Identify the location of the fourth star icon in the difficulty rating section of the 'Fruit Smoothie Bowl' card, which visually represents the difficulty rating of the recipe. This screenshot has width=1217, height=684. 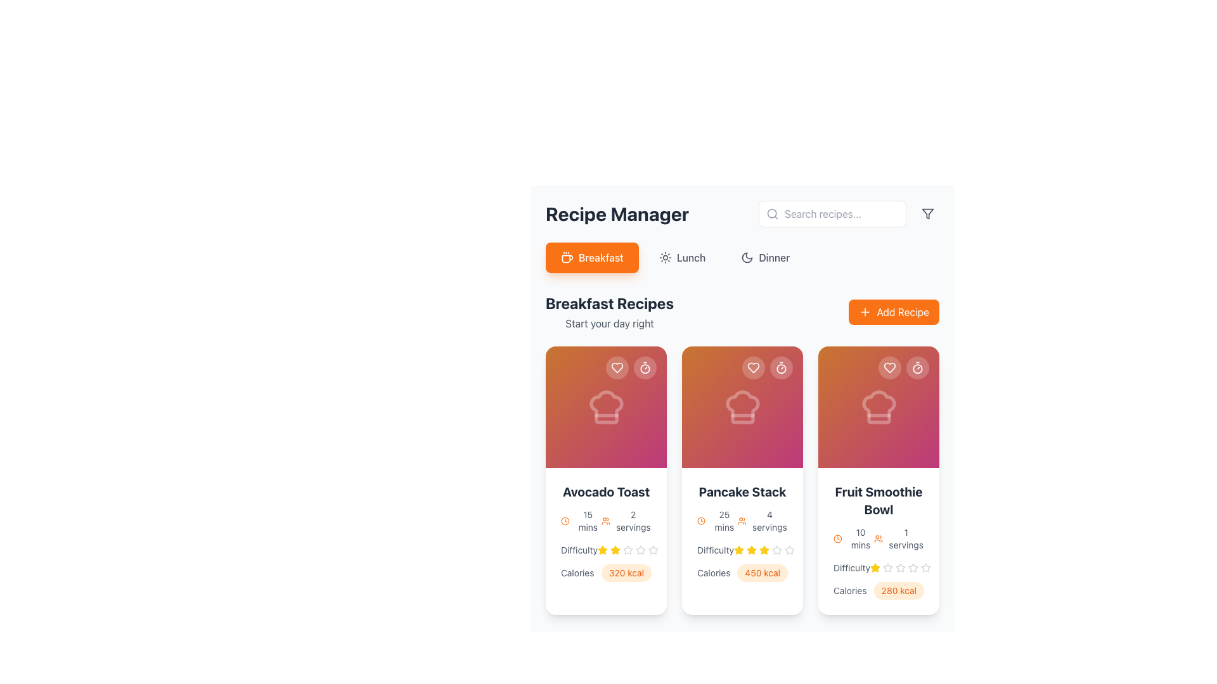
(899, 567).